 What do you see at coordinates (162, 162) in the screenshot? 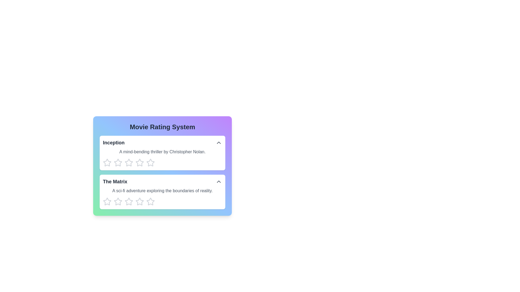
I see `across the star icons in the rating component for the movie 'Inception'` at bounding box center [162, 162].